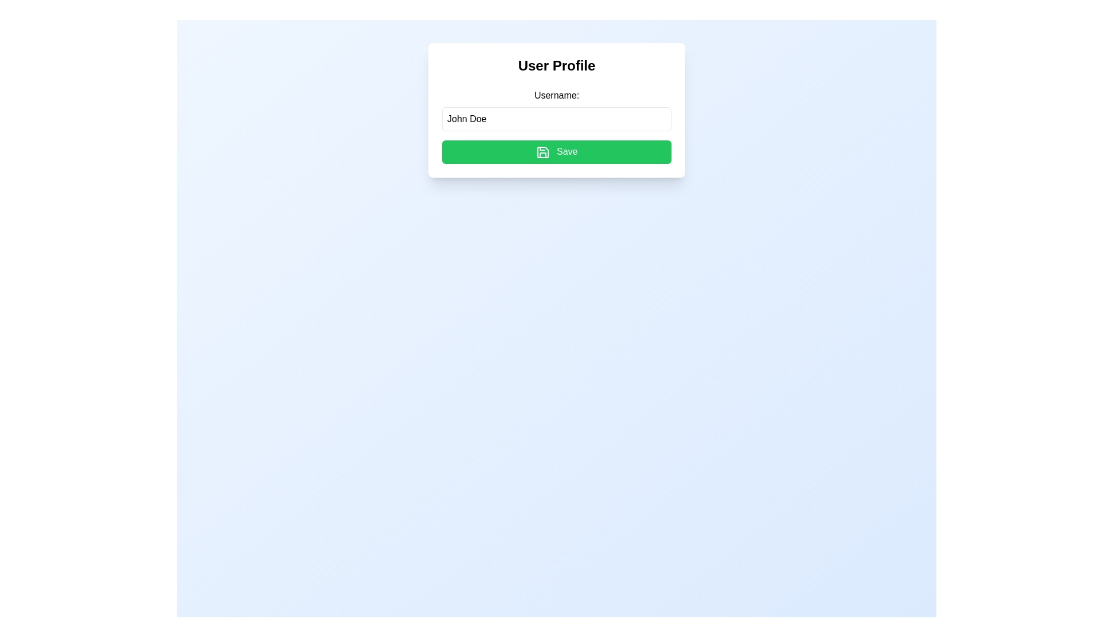 This screenshot has height=619, width=1101. Describe the element at coordinates (542, 151) in the screenshot. I see `the decorative Save icon located centrally within the Save button on the User Profile form` at that location.